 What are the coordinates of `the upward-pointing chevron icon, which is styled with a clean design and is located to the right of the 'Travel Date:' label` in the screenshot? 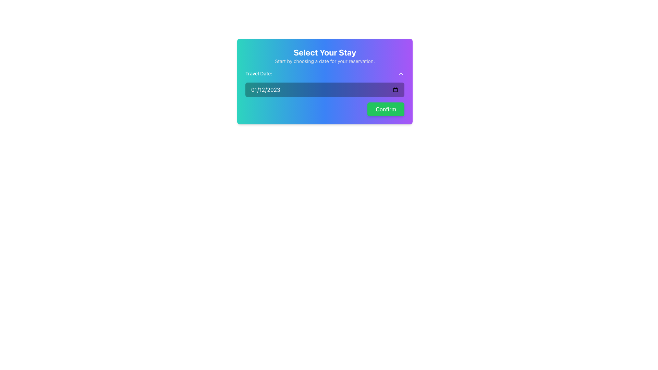 It's located at (401, 74).